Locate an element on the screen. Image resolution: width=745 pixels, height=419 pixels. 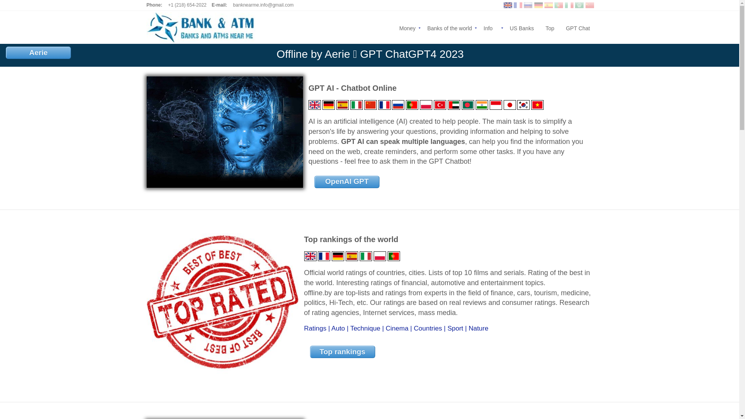
'Auto' is located at coordinates (338, 328).